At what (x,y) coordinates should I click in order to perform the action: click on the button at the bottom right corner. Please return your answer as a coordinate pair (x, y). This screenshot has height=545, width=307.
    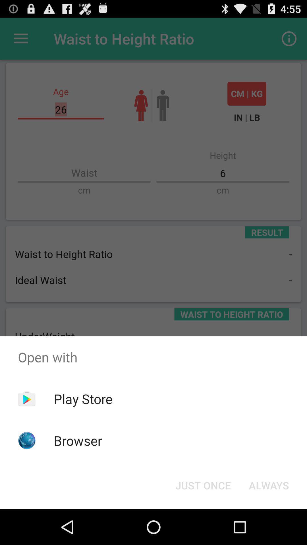
    Looking at the image, I should click on (269, 485).